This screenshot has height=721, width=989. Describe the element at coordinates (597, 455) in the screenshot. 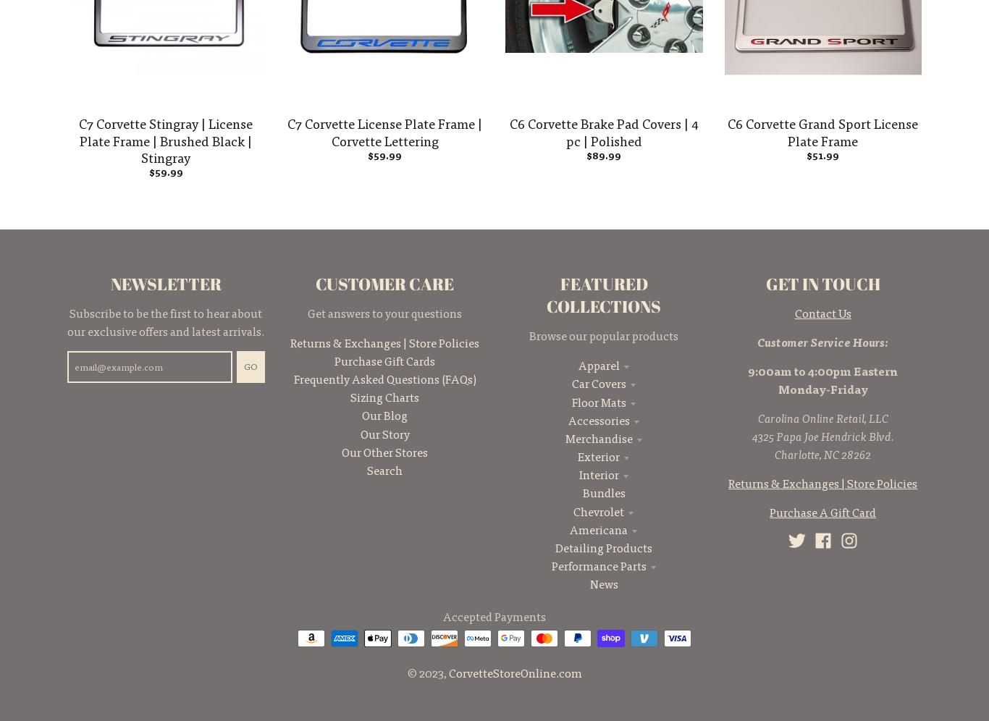

I see `'Exterior'` at that location.